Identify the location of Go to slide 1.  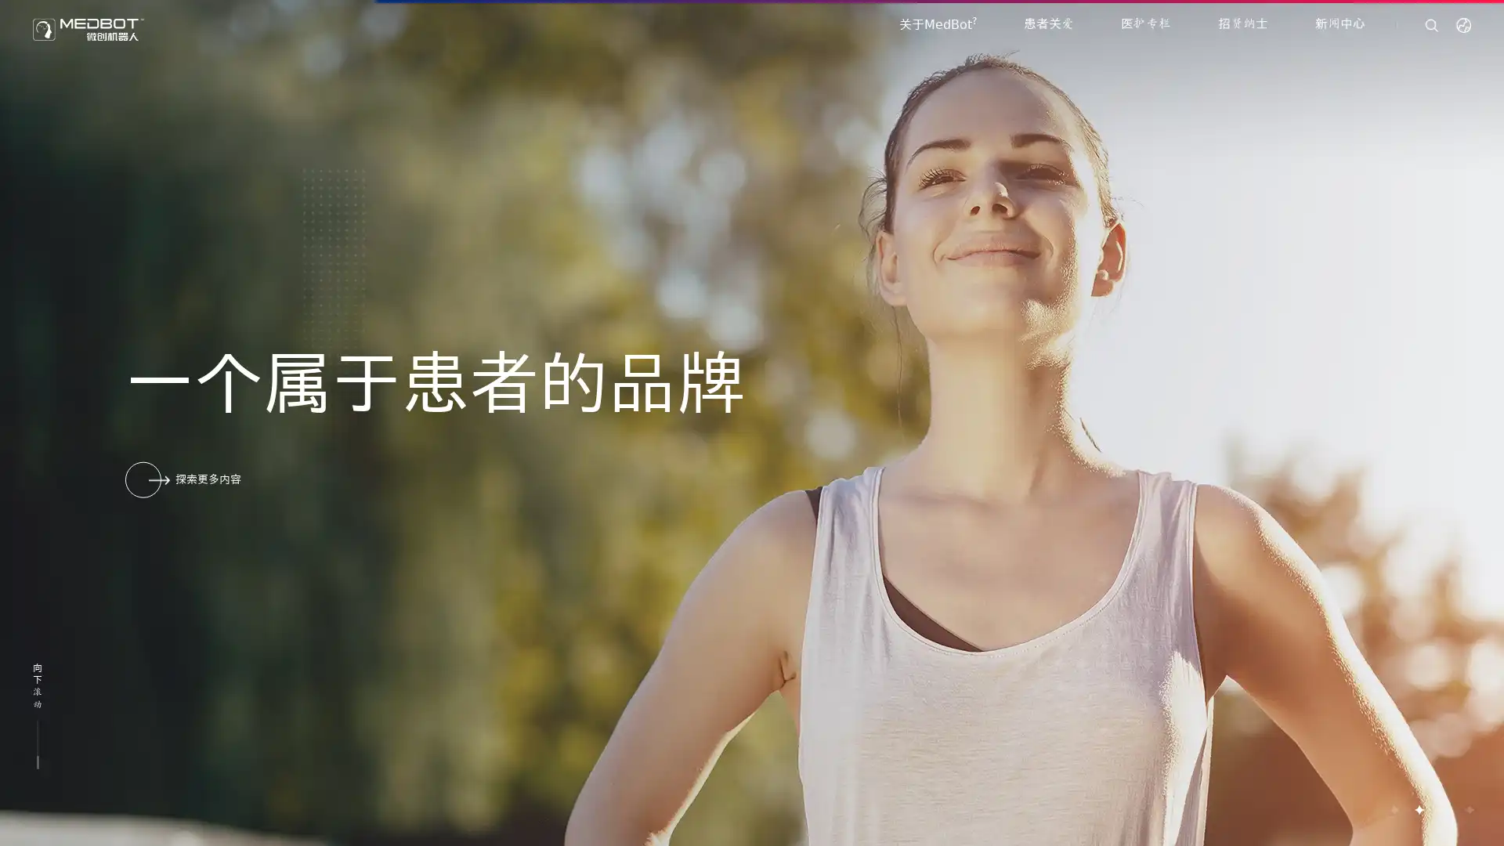
(1394, 809).